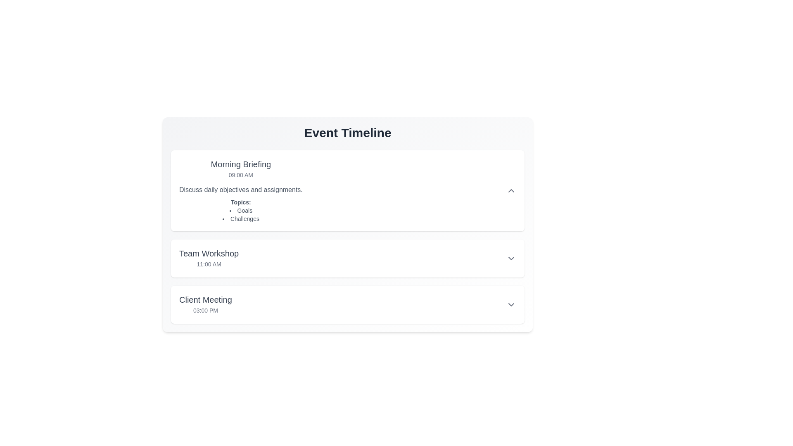 This screenshot has width=793, height=446. I want to click on the Information card at the top of the 'Event Timeline', so click(347, 191).